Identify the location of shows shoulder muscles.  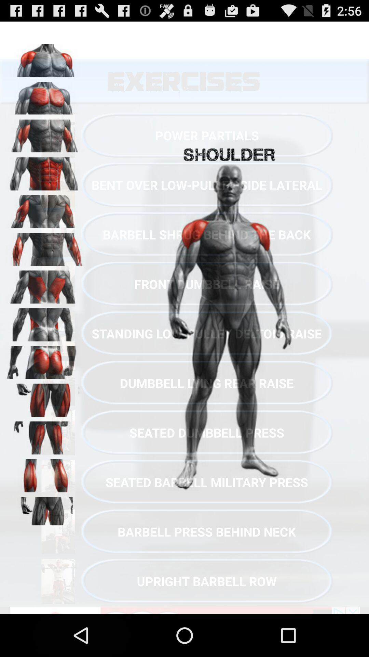
(45, 95).